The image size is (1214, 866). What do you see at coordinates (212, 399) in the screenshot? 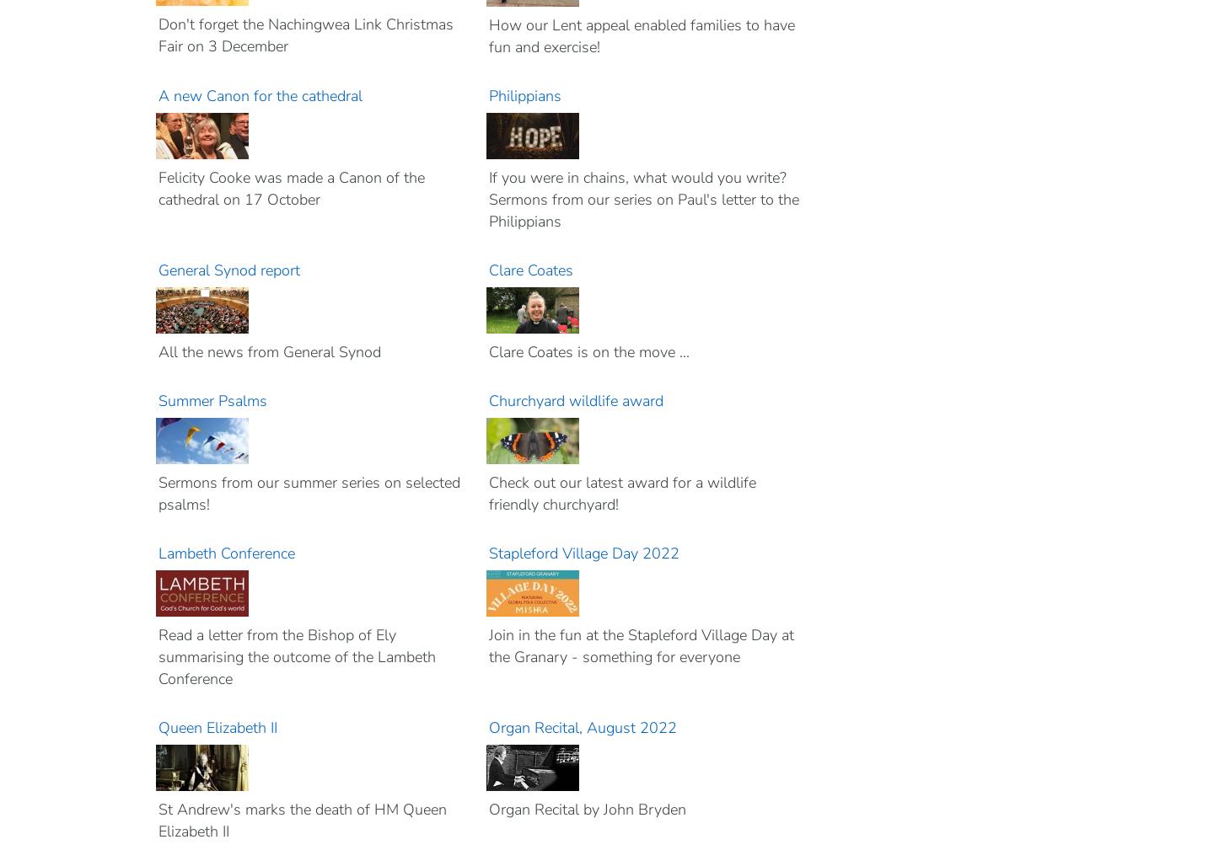
I see `'Summer Psalms'` at bounding box center [212, 399].